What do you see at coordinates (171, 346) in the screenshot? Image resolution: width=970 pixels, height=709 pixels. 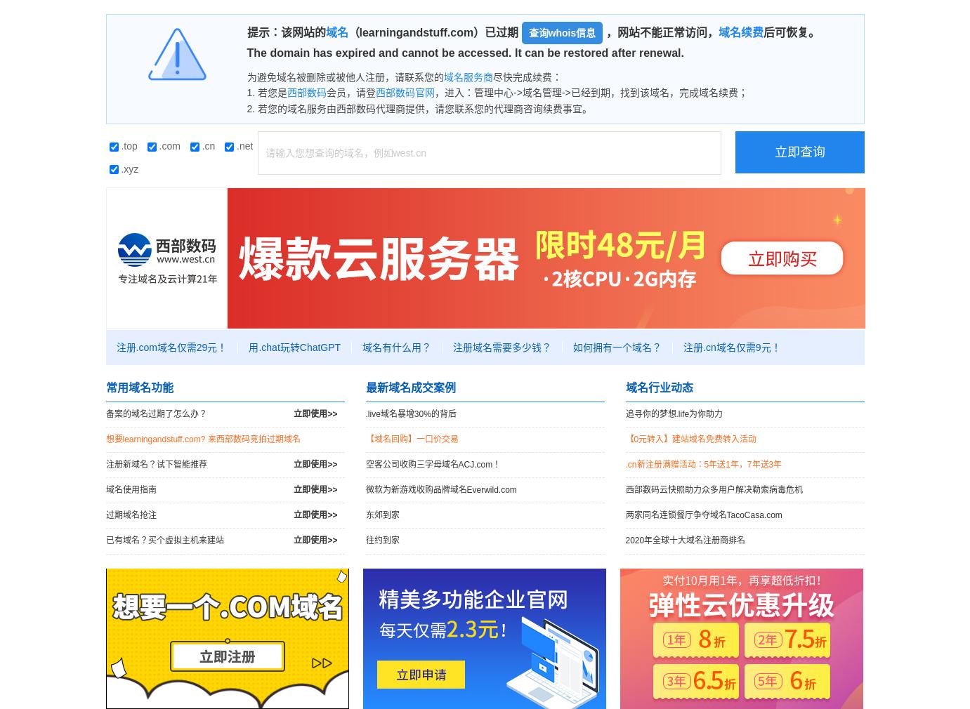 I see `'注册.com域名仅需29元！'` at bounding box center [171, 346].